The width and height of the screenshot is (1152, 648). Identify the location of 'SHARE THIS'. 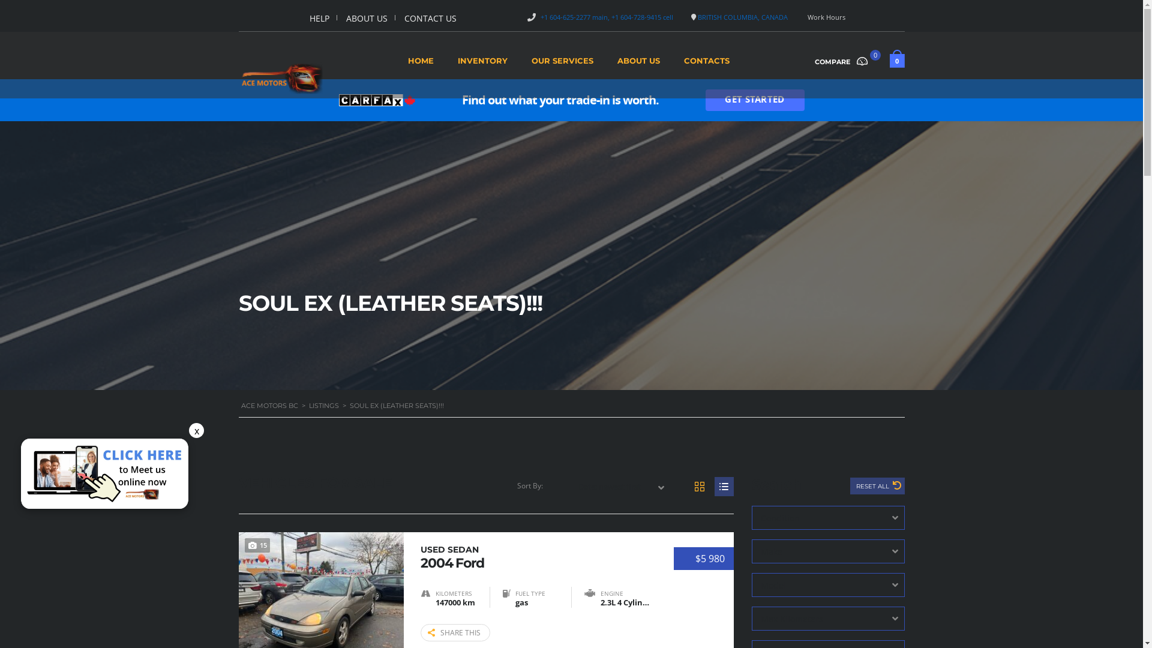
(454, 632).